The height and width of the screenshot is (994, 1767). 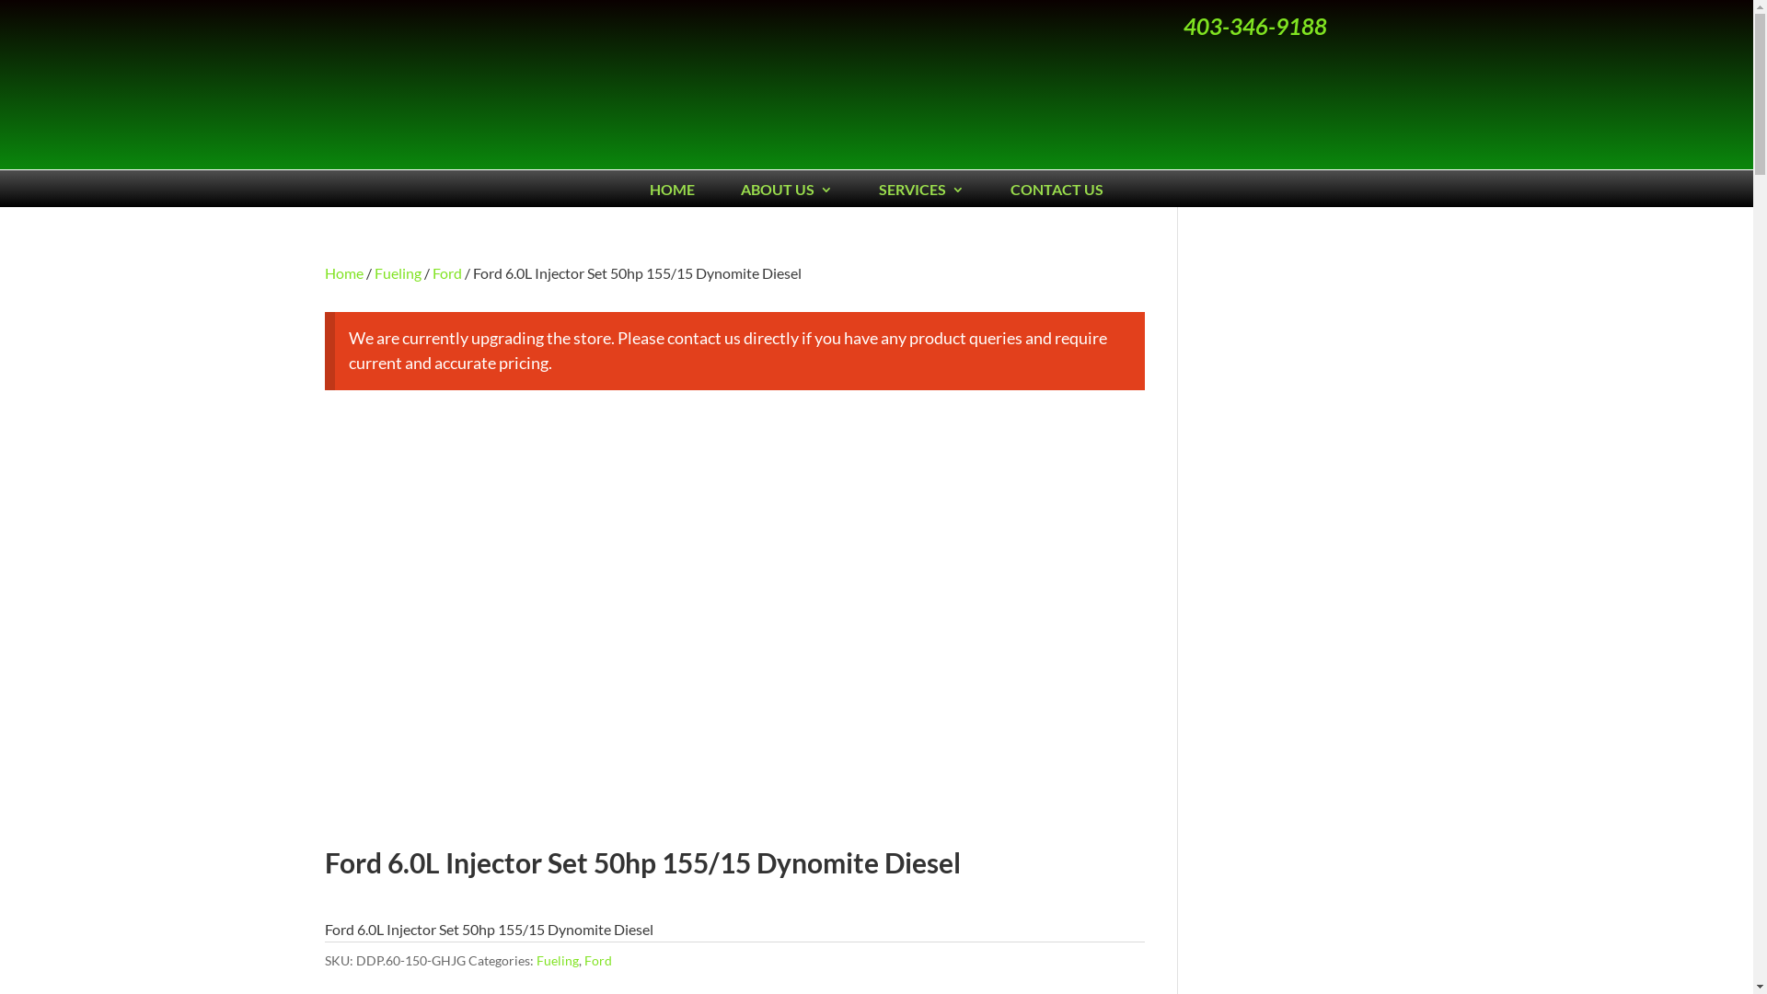 What do you see at coordinates (555, 959) in the screenshot?
I see `'Fueling'` at bounding box center [555, 959].